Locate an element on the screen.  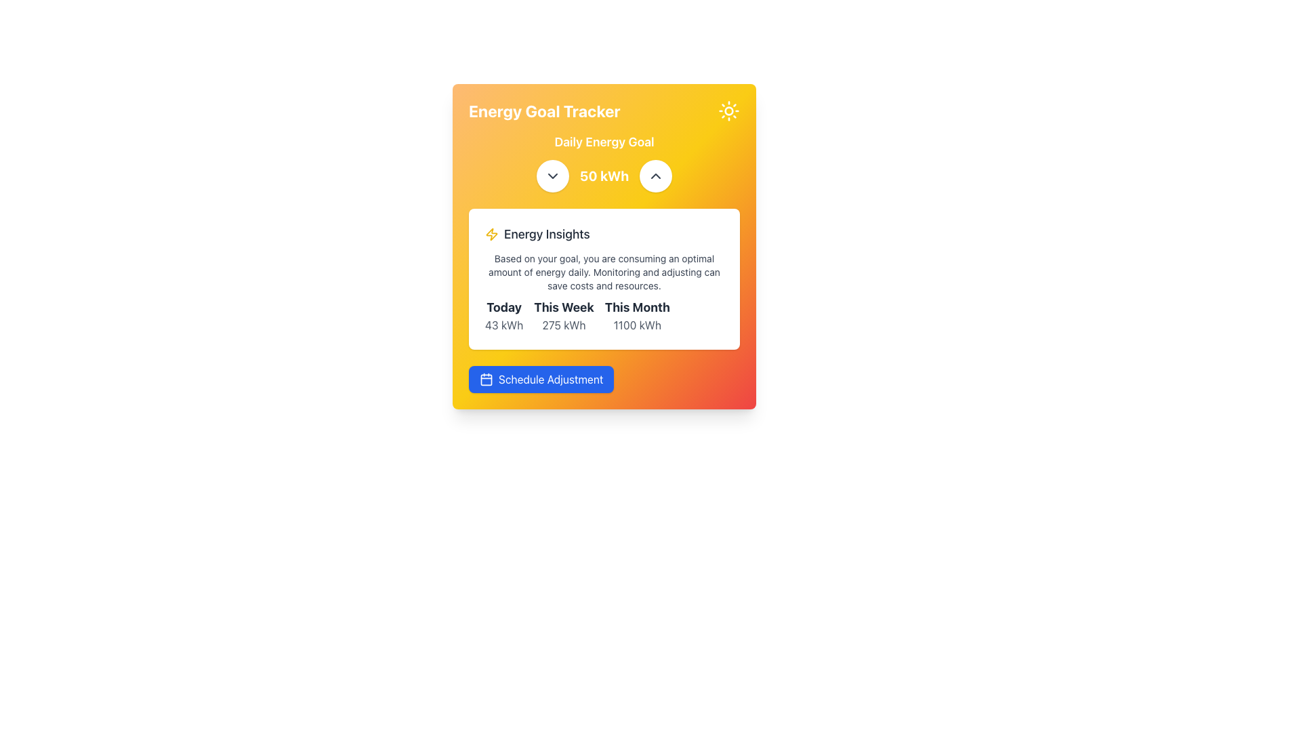
the circular button with a downward-pointing chevron icon to decrease the energy goal value, located to the left of the '50 kWh' text is located at coordinates (552, 175).